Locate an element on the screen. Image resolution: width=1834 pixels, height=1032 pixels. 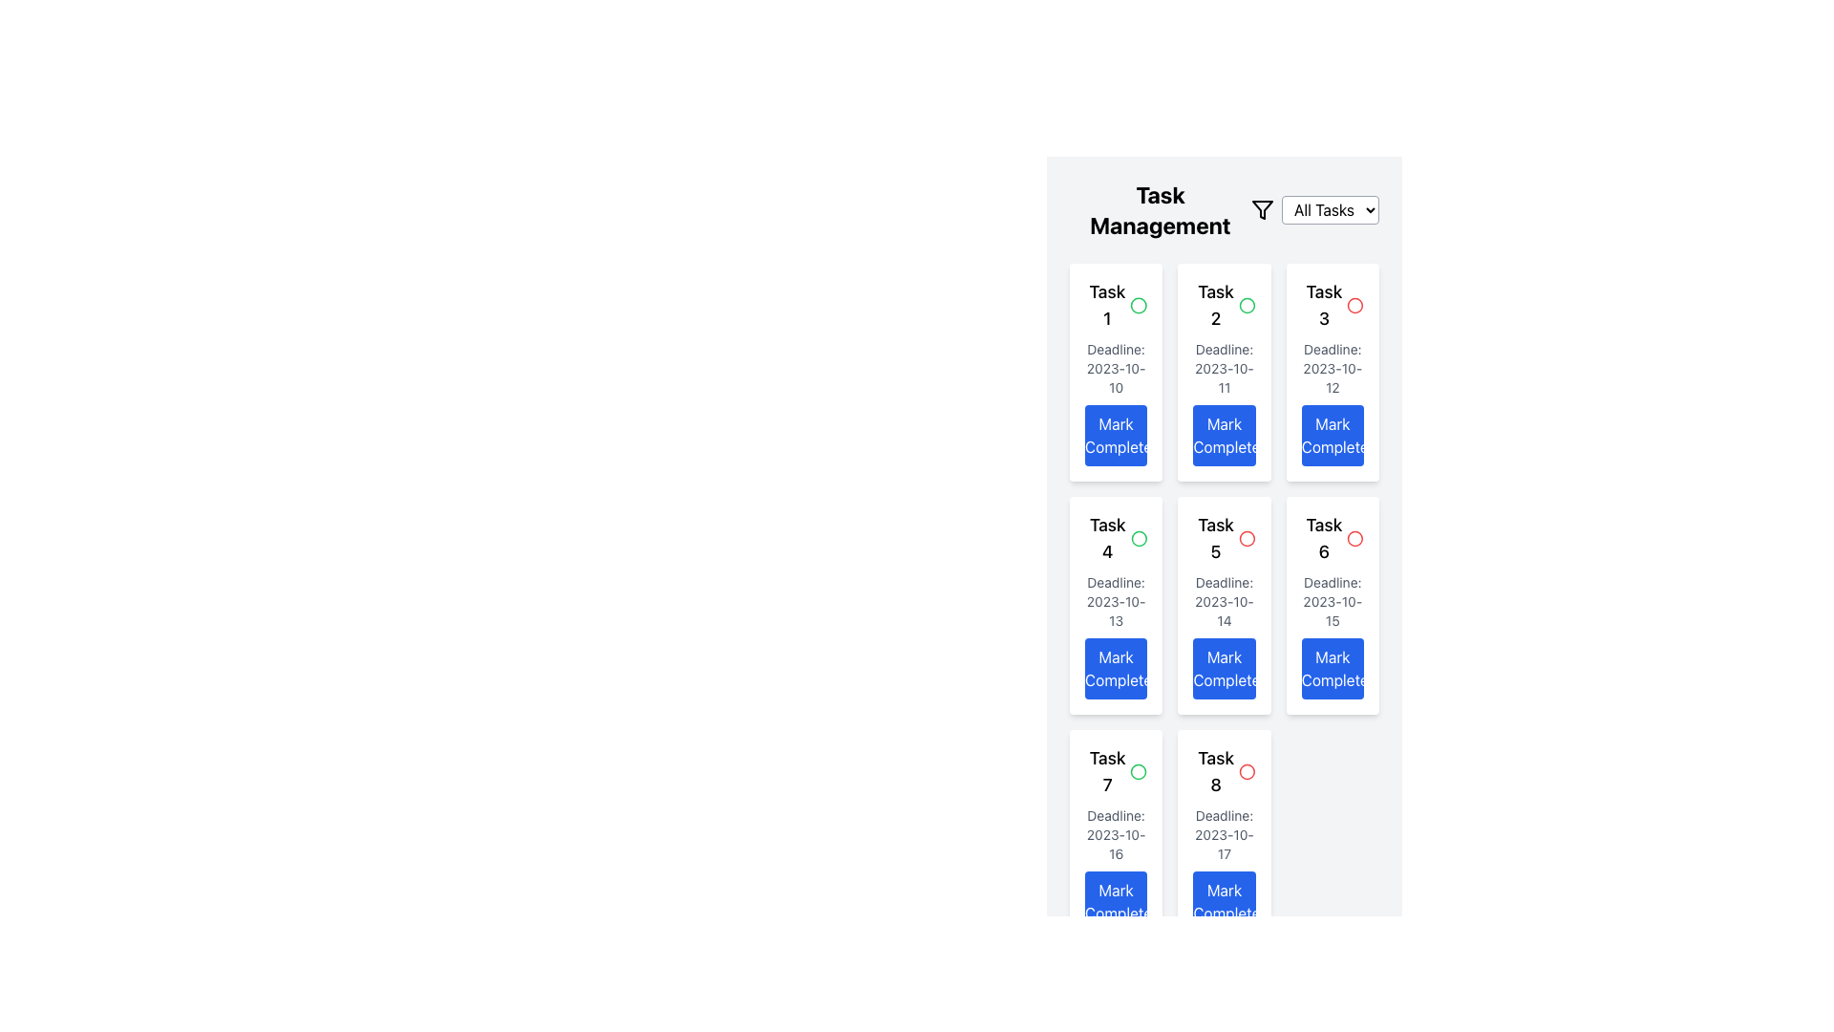
the text label displaying 'Deadline: 2023-10-17', which is positioned under the title 'Task 8' and above the 'Mark Completed' button in the task card is located at coordinates (1224, 834).